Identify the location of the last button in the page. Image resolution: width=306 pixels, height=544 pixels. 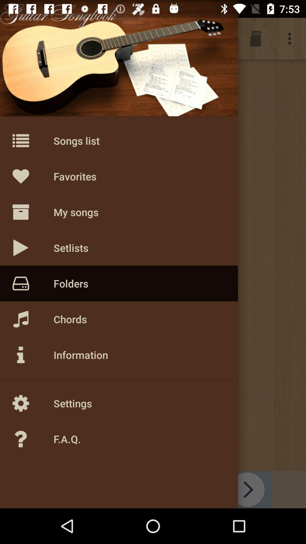
(33, 439).